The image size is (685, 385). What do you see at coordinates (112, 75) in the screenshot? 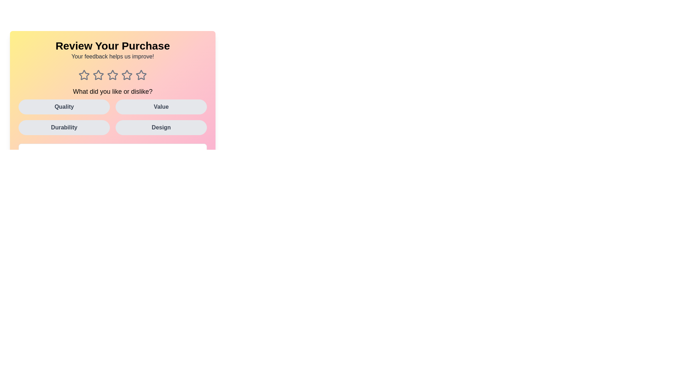
I see `the third star-shaped icon in the rating system` at bounding box center [112, 75].